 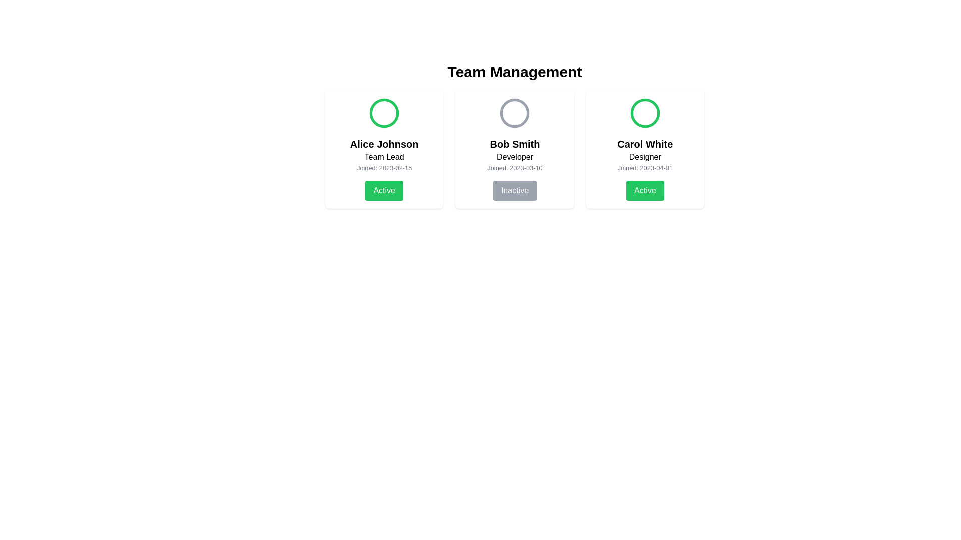 What do you see at coordinates (645, 144) in the screenshot?
I see `the Text label displaying the individual's name in the user profile card, located in the middle of the third card above the 'Designer' title` at bounding box center [645, 144].